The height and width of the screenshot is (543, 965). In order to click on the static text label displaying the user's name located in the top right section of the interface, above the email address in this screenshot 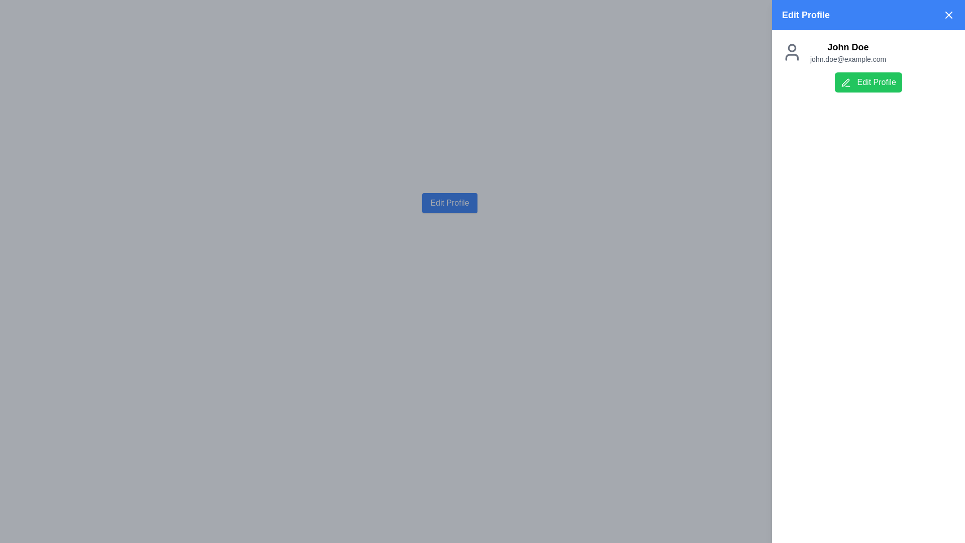, I will do `click(847, 47)`.